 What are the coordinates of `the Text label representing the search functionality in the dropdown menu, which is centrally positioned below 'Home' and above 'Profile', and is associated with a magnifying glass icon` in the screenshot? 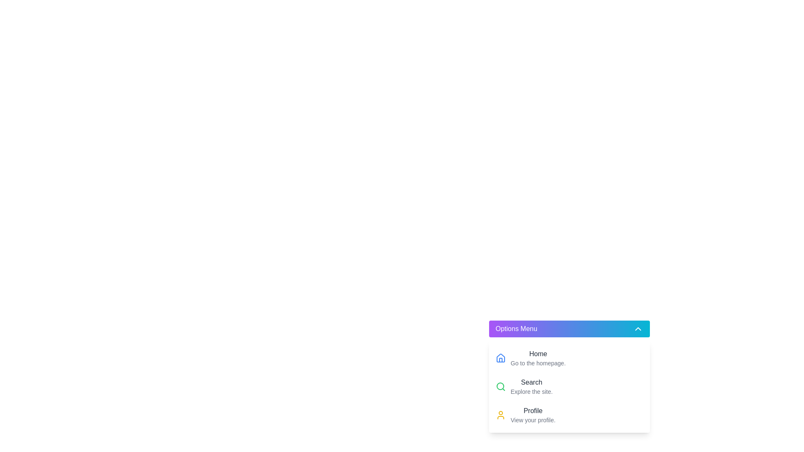 It's located at (531, 383).